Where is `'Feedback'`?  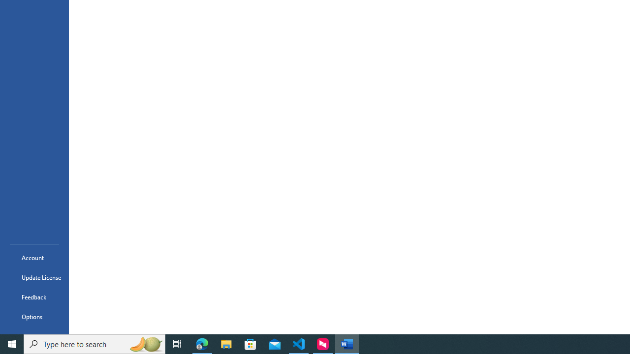 'Feedback' is located at coordinates (34, 296).